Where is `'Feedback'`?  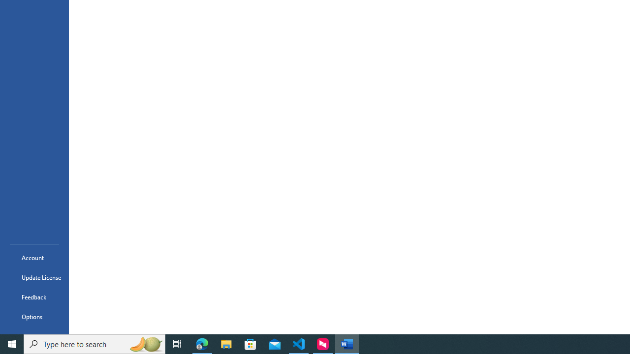 'Feedback' is located at coordinates (34, 296).